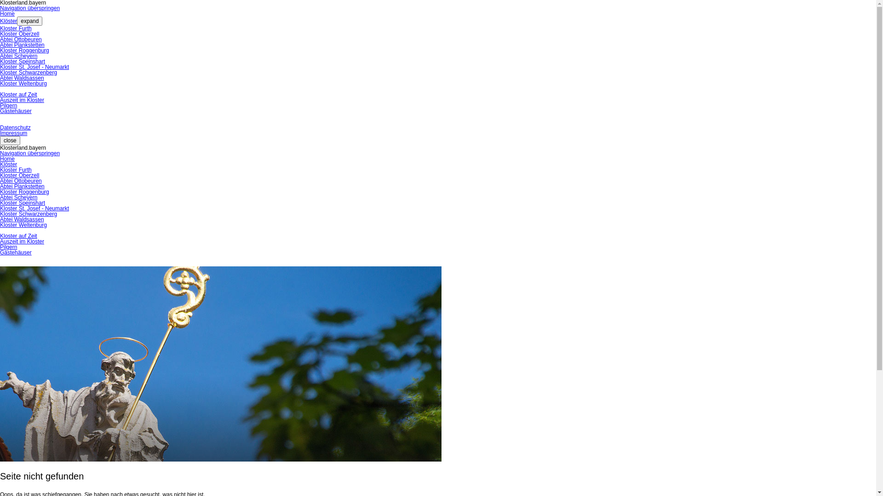 This screenshot has width=883, height=496. I want to click on 'Kloster Weltenburg', so click(23, 83).